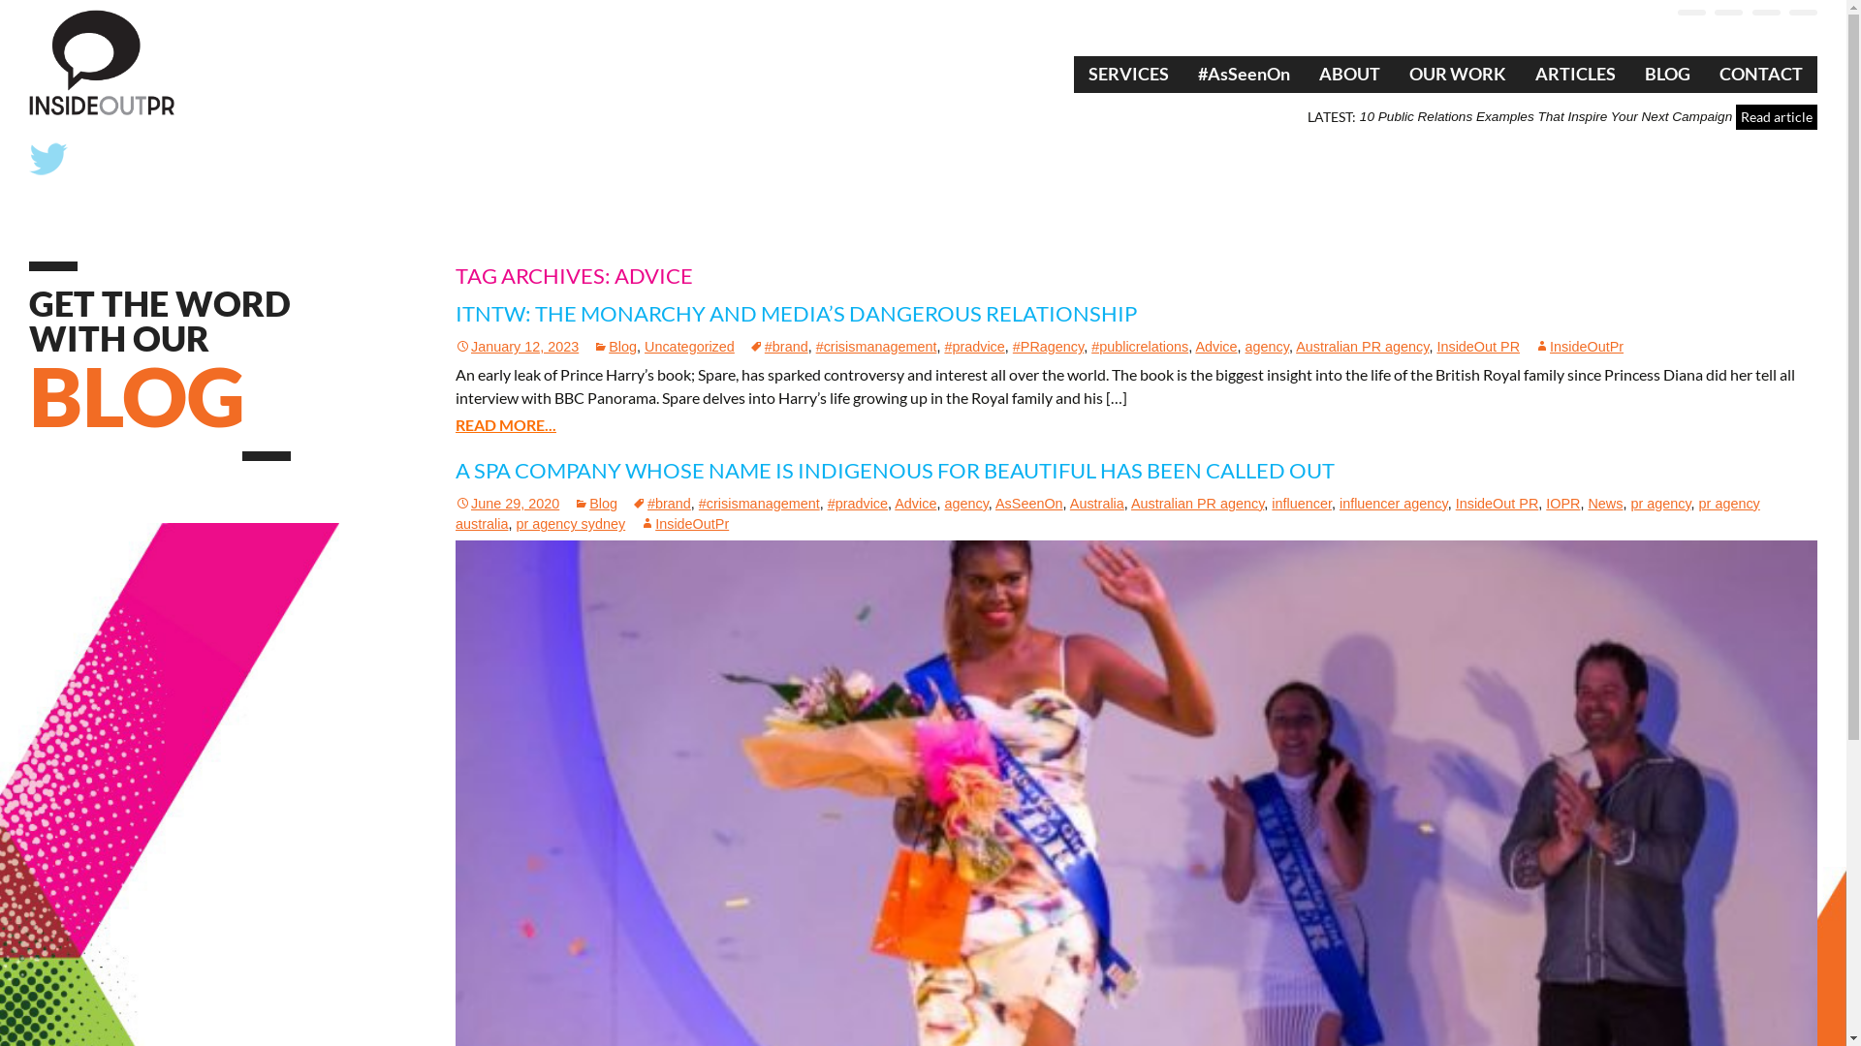 The height and width of the screenshot is (1046, 1861). What do you see at coordinates (1091, 346) in the screenshot?
I see `'#publicrelations'` at bounding box center [1091, 346].